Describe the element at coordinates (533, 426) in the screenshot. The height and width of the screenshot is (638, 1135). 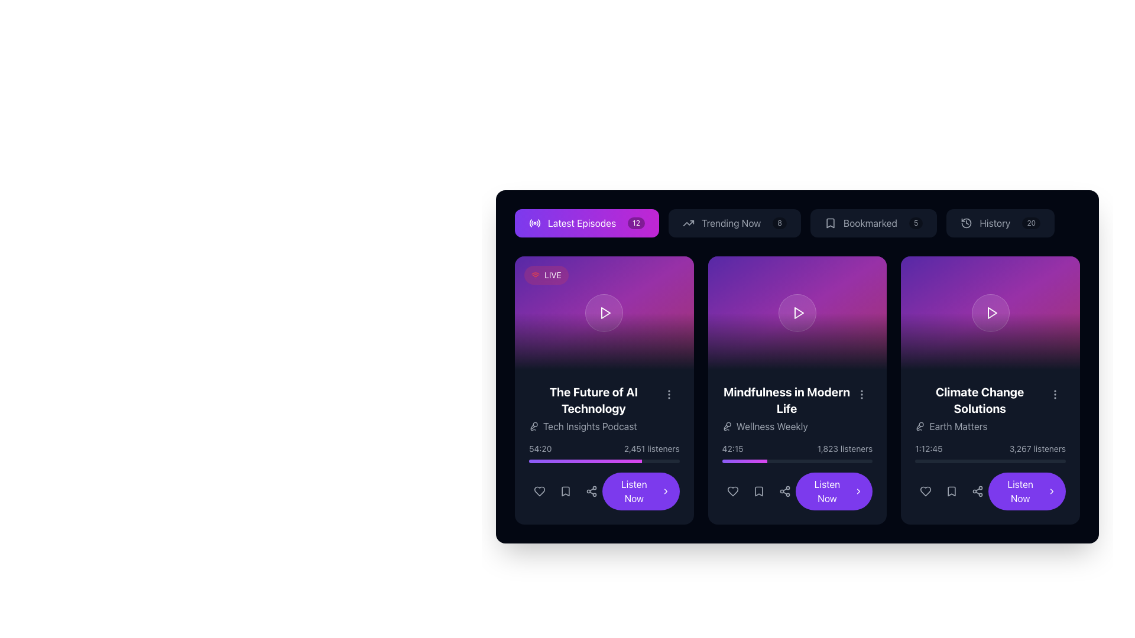
I see `the microphone icon located to the left of the text 'Tech Insights Podcast' in the card for 'The Future of AI Technology'` at that location.